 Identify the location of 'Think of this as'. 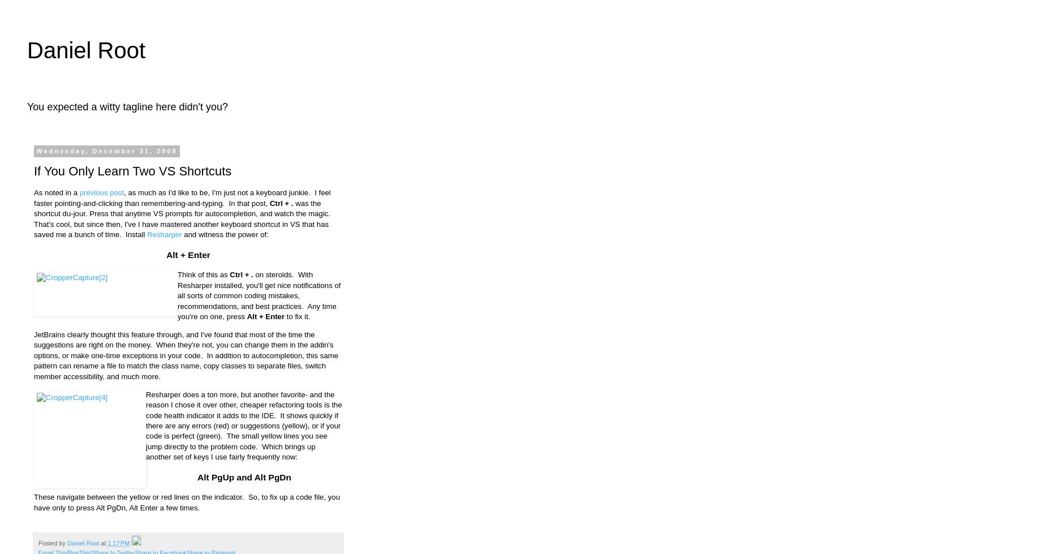
(204, 274).